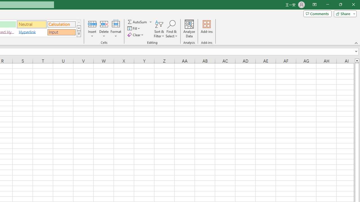  Describe the element at coordinates (78, 34) in the screenshot. I see `'Class: NetUIImage'` at that location.